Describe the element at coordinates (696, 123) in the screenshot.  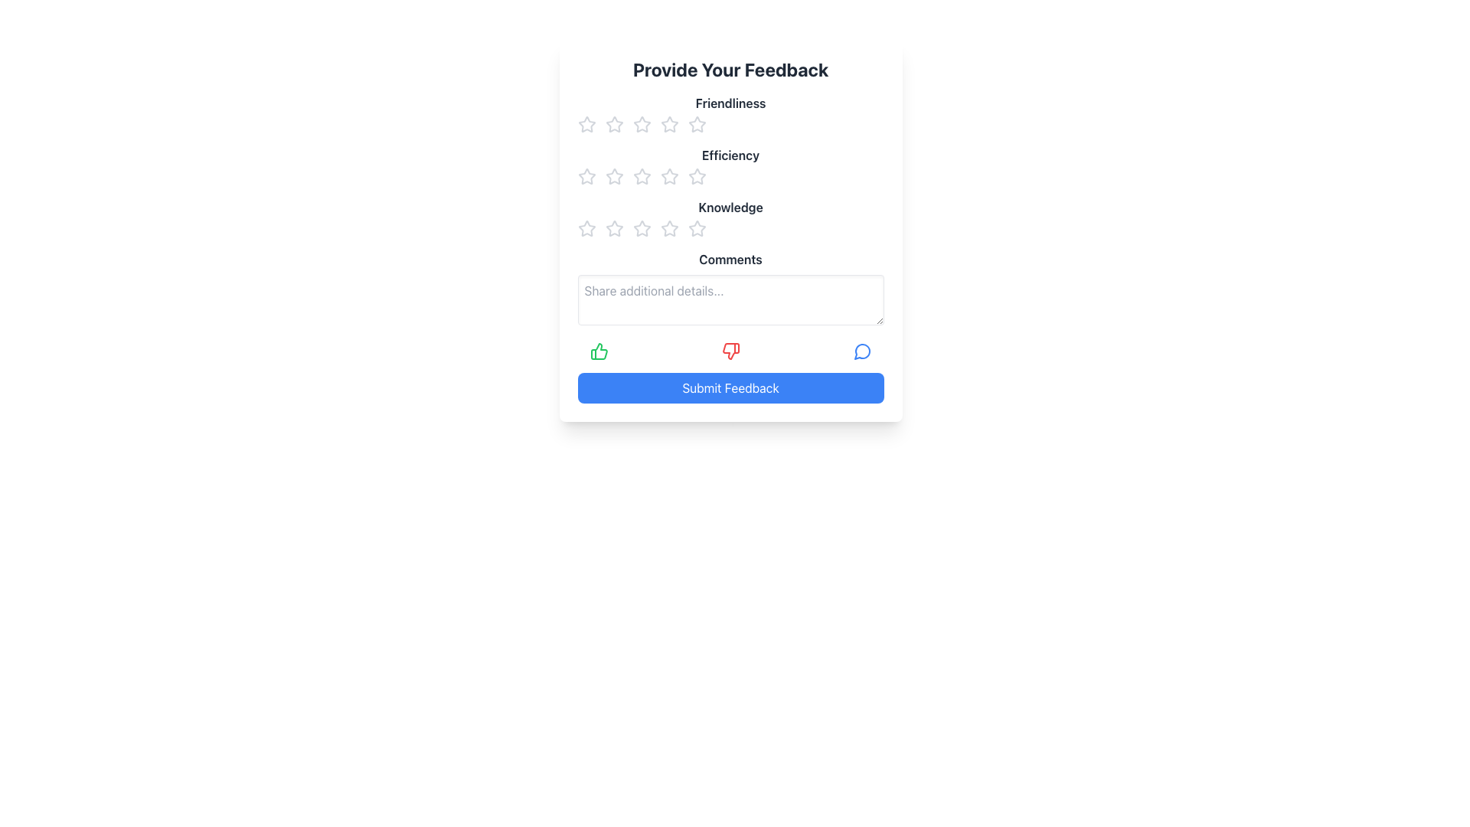
I see `the fifth star-shaped Rating icon for 'Friendliness'` at that location.